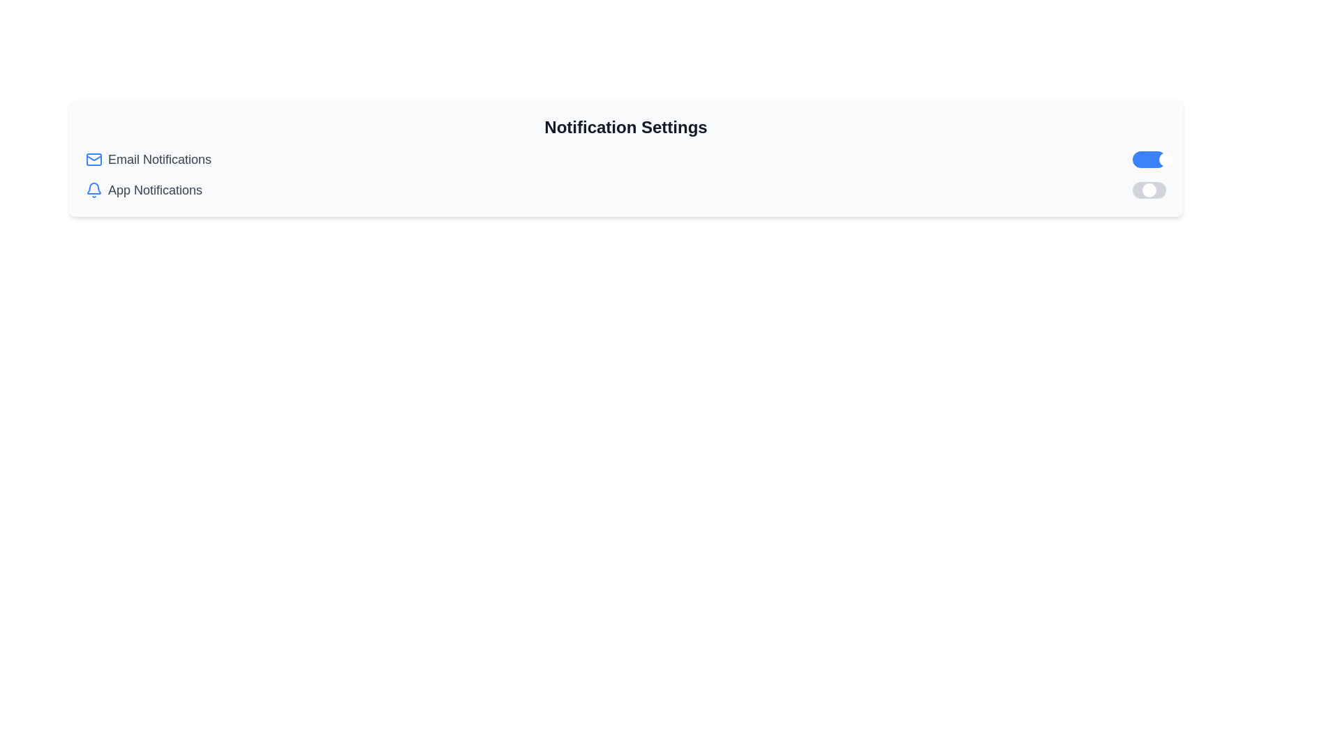 This screenshot has height=753, width=1340. I want to click on the toggle knob located, so click(1149, 190).